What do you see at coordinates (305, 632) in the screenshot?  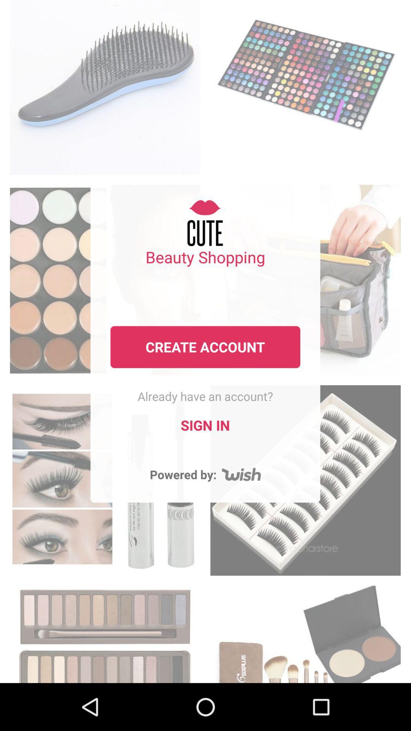 I see `browse the cosmetics` at bounding box center [305, 632].